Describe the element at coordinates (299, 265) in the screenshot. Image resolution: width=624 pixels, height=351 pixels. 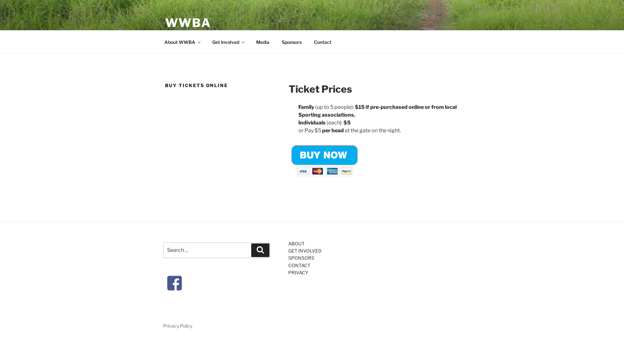
I see `'CONTACT'` at that location.